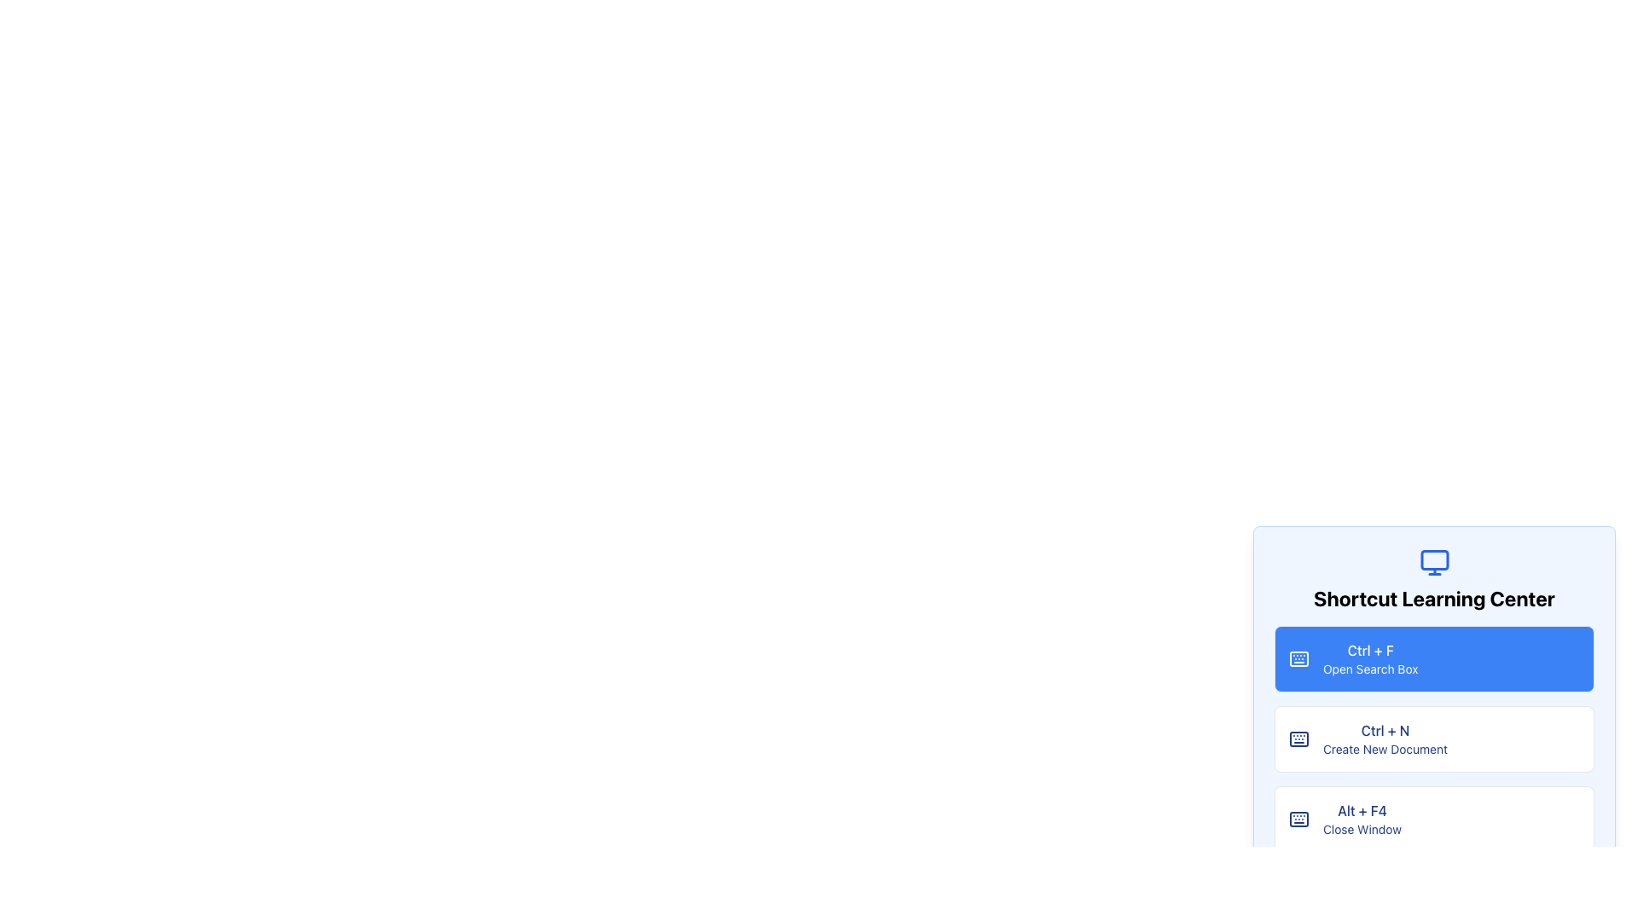  Describe the element at coordinates (1361, 828) in the screenshot. I see `text 'Close Window' displayed in blue font located beneath the hotkey 'Alt + F4'` at that location.